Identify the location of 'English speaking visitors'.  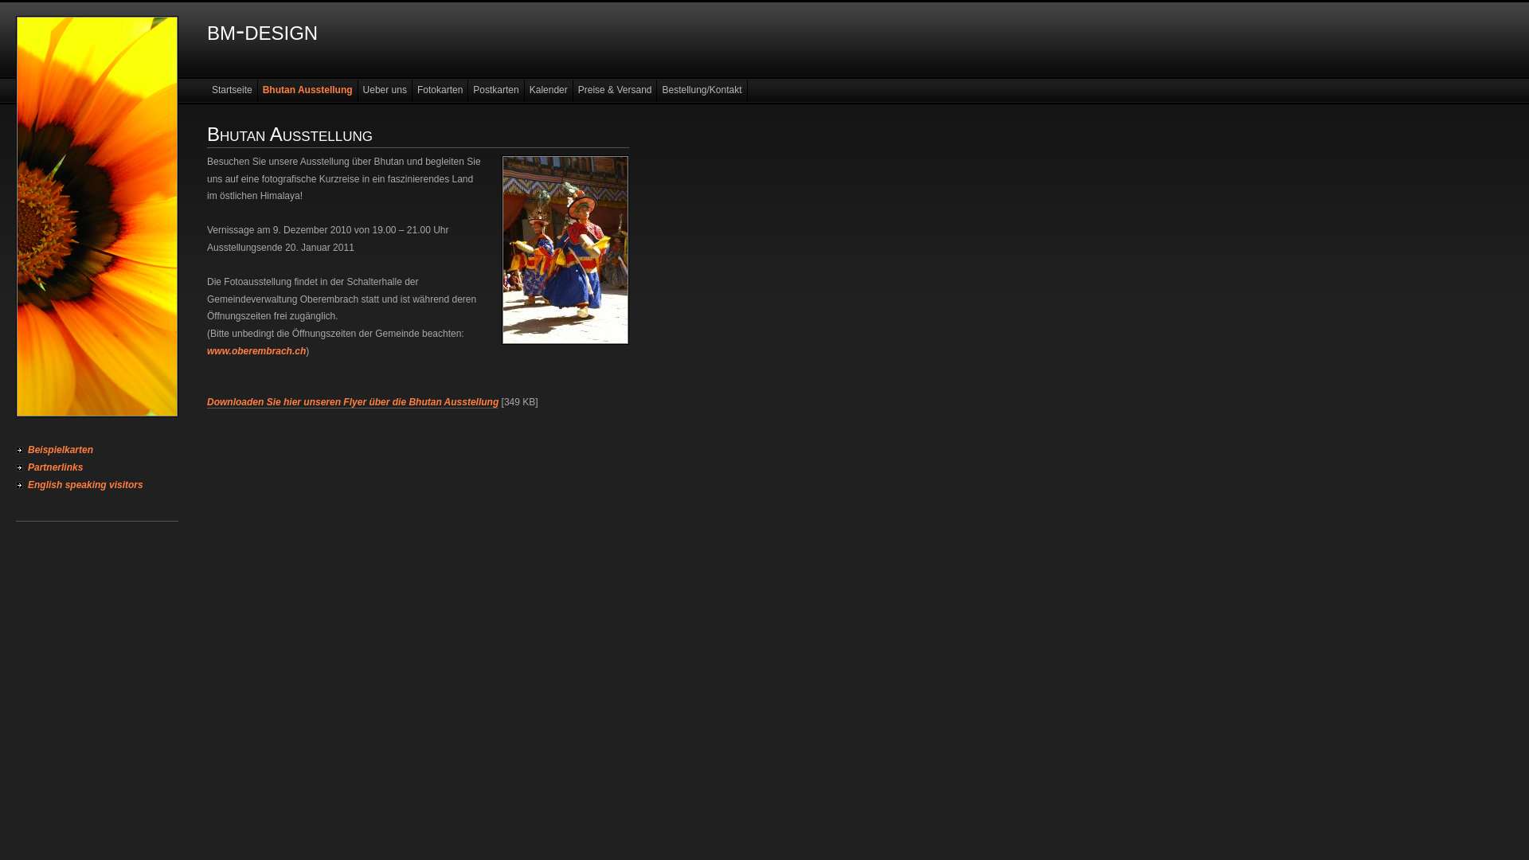
(15, 484).